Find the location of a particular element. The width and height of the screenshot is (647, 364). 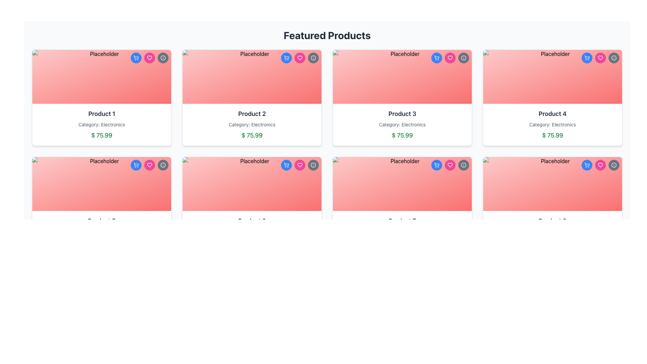

the second blue outlined shopping cart icon located in the top-right region of the 'Product 3' card is located at coordinates (437, 57).